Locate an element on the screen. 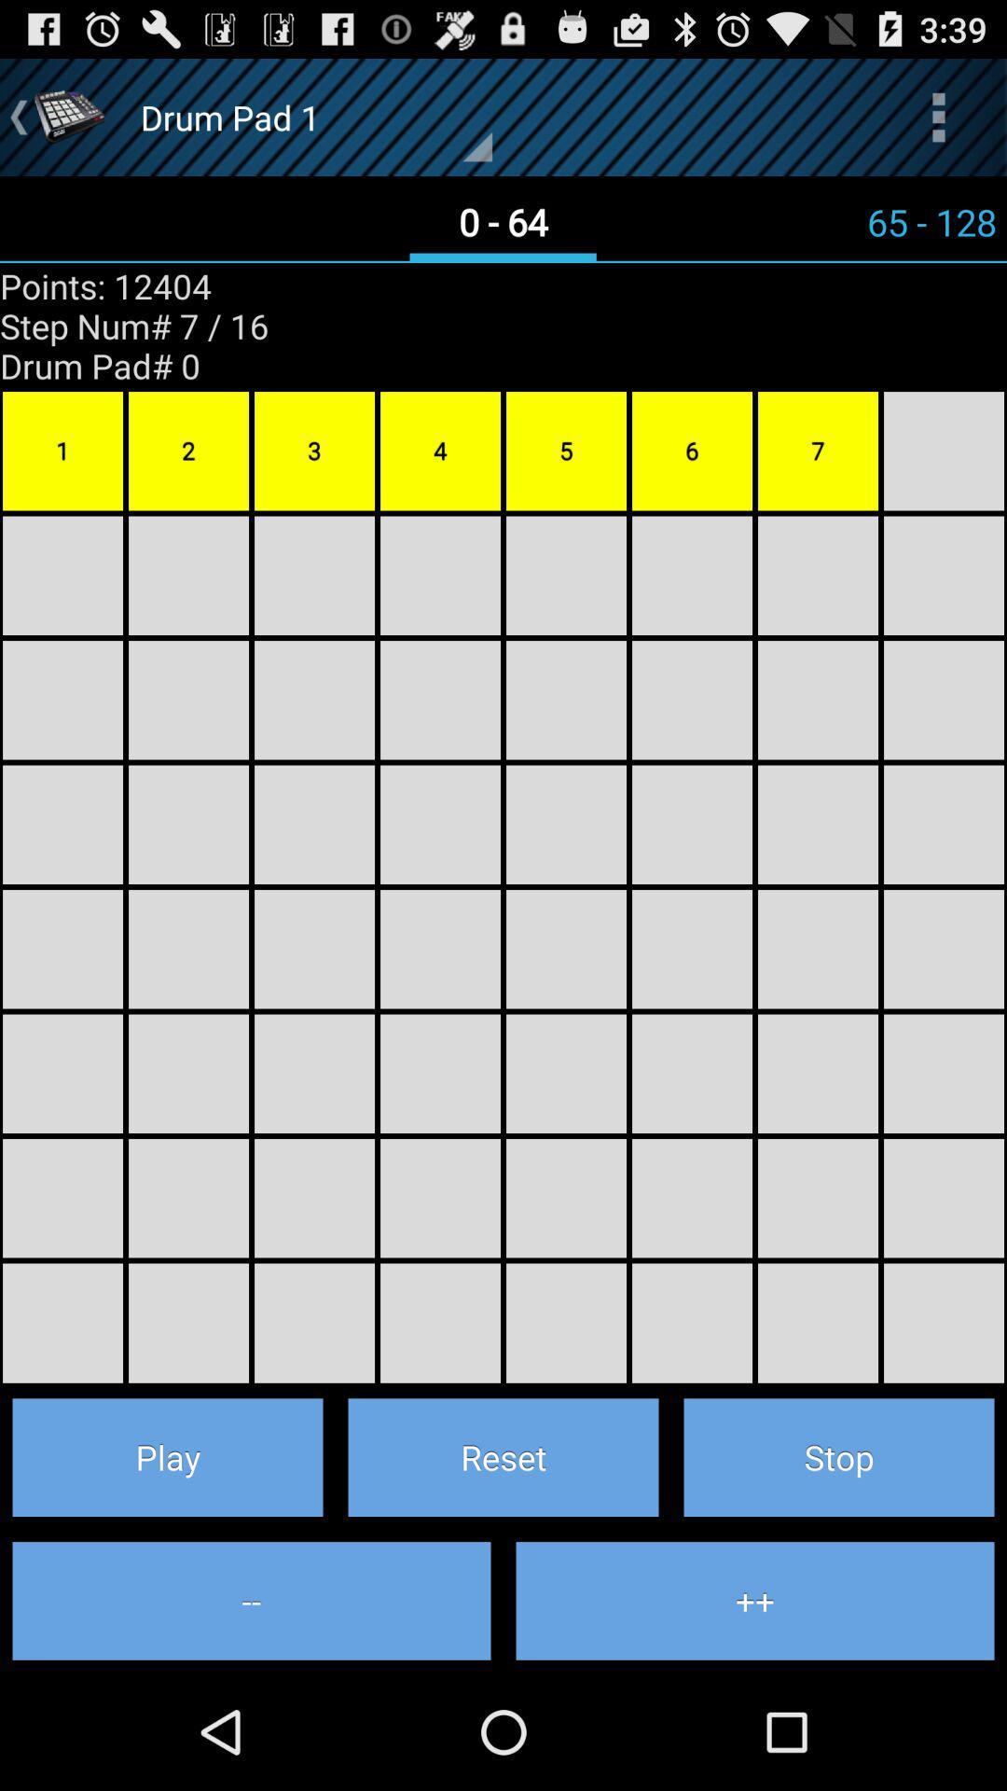 The height and width of the screenshot is (1791, 1007). the block right to the 7 number block on the right hand side is located at coordinates (944, 451).